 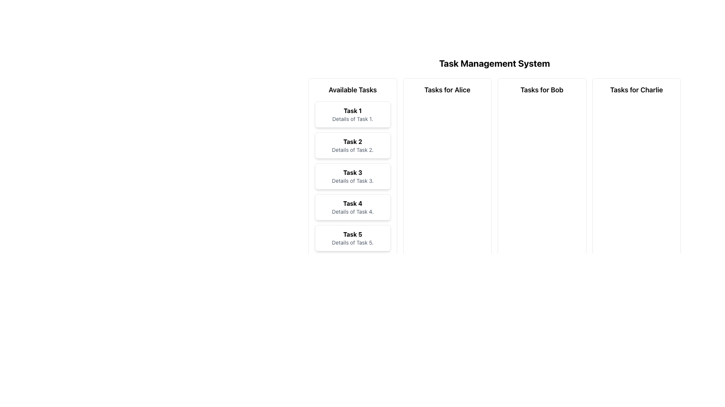 What do you see at coordinates (352, 115) in the screenshot?
I see `displayed text of the first task item in the 'Available Tasks' section, which is located in the leftmost column` at bounding box center [352, 115].